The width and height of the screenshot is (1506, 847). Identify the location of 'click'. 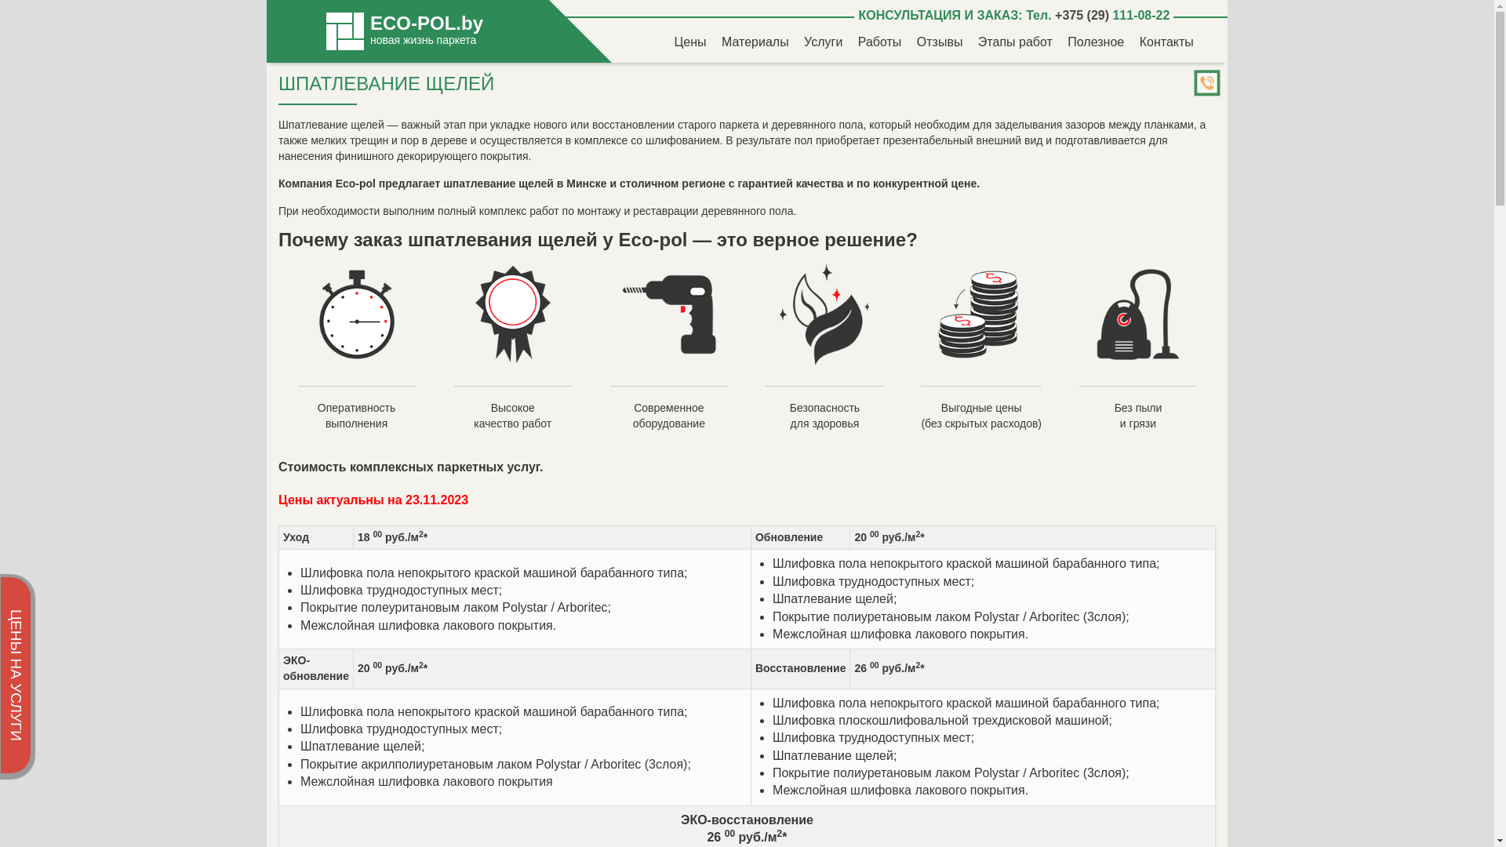
(1199, 85).